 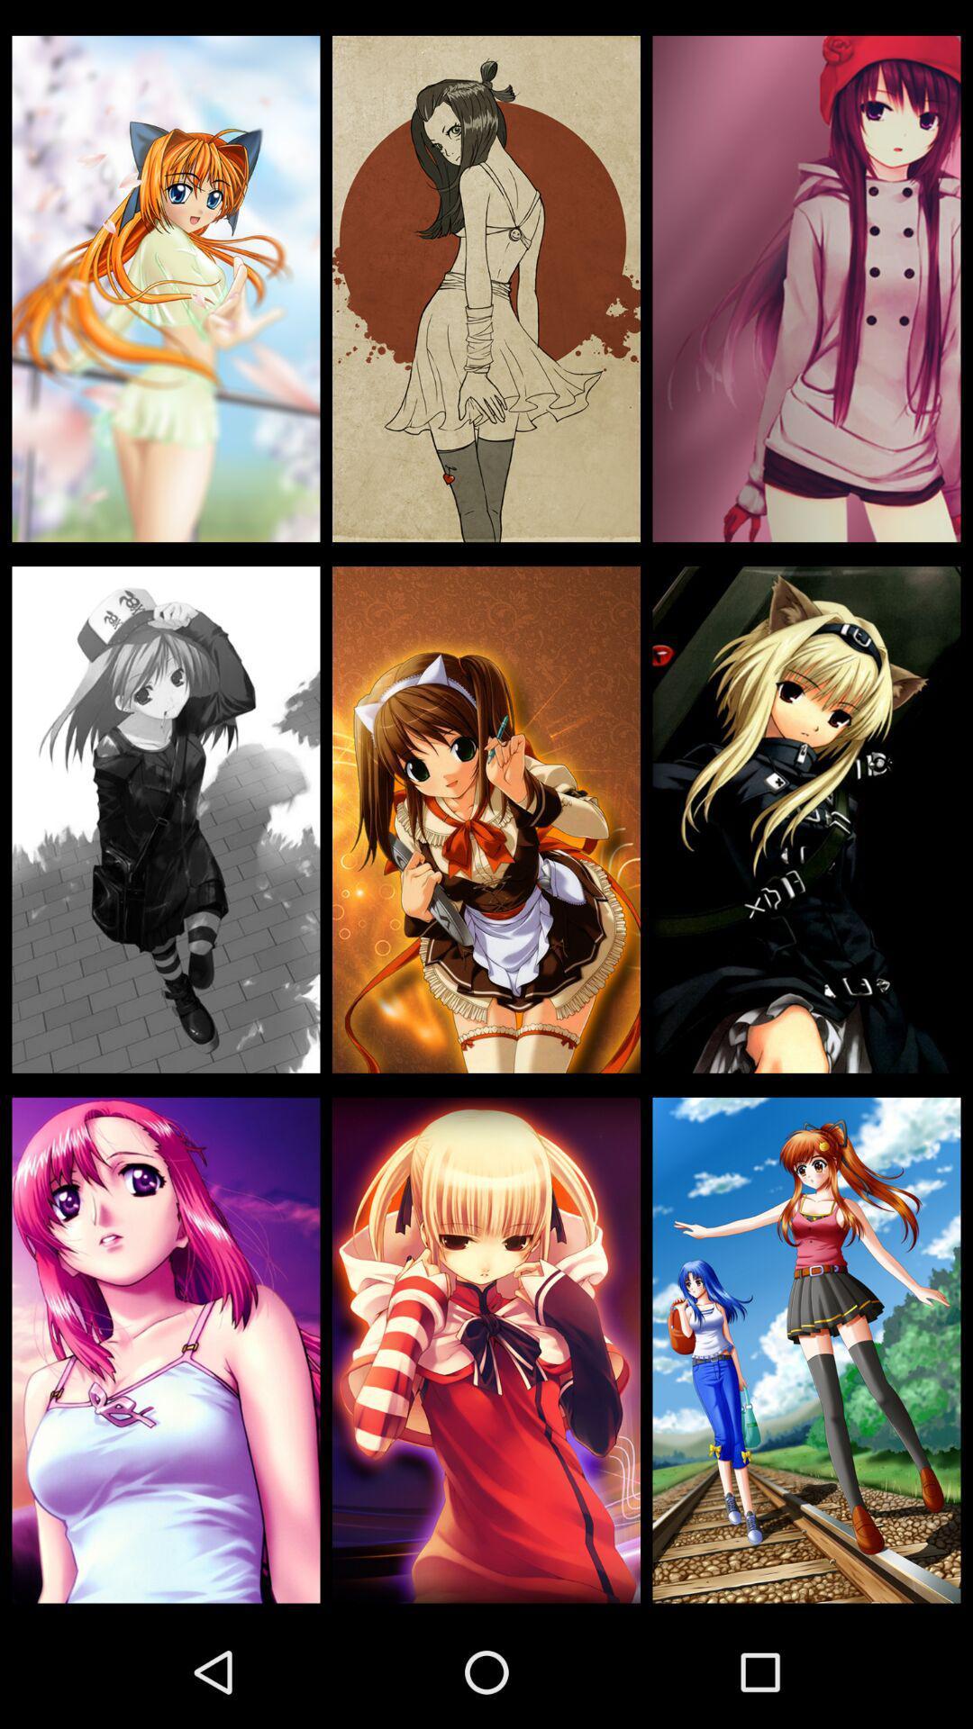 What do you see at coordinates (486, 819) in the screenshot?
I see `item at the center` at bounding box center [486, 819].